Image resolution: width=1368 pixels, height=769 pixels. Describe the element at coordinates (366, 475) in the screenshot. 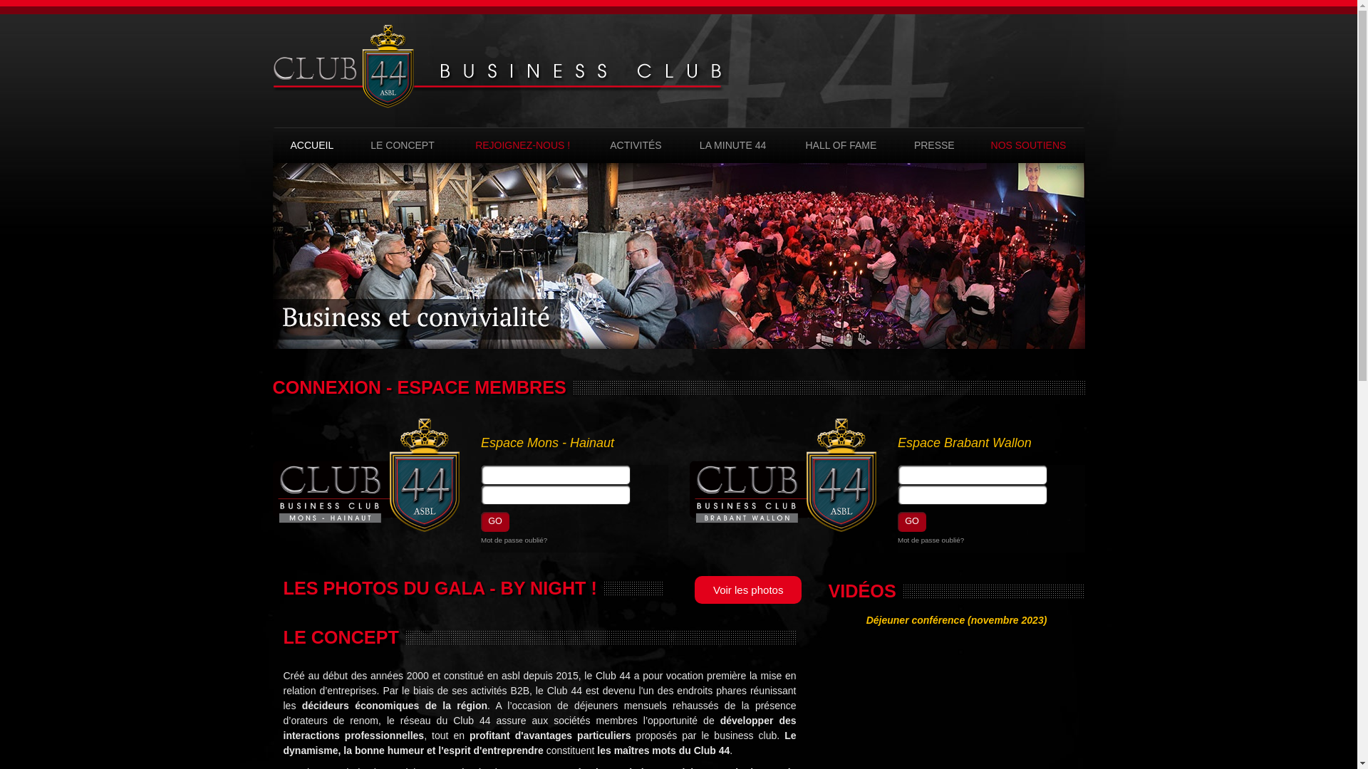

I see `'Club 44 - Mons-Hainaut'` at that location.